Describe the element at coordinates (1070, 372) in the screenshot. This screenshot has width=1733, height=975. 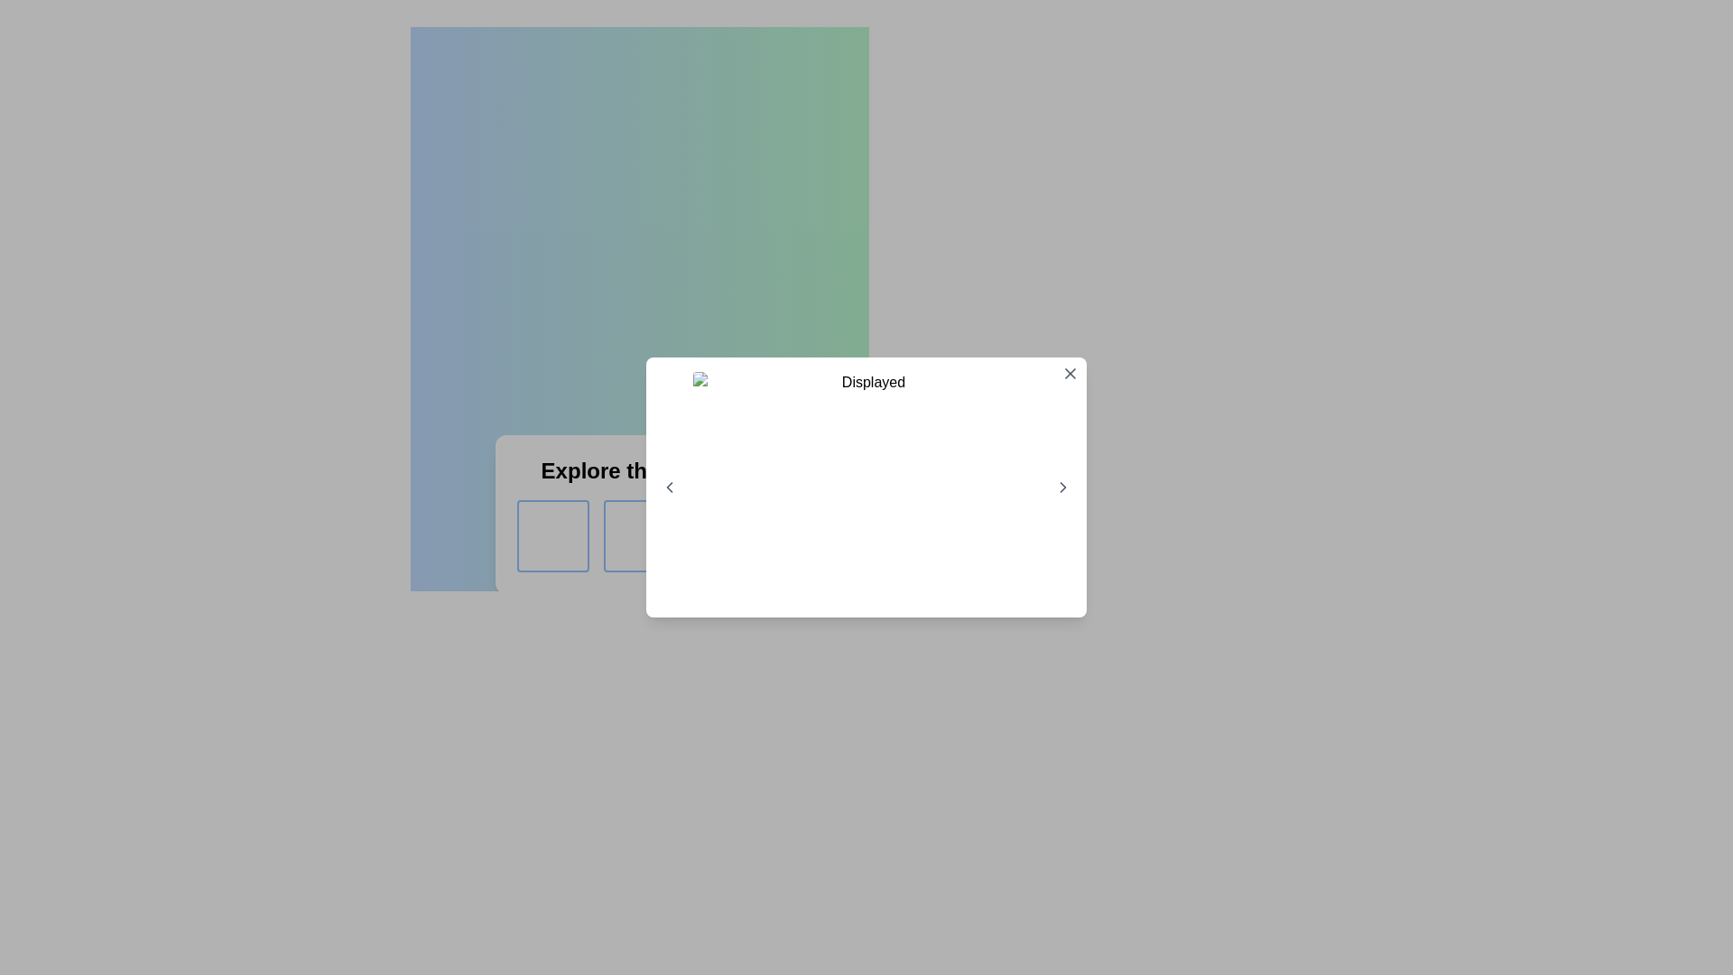
I see `the close button located at the top-right corner of the white rounded rectangular card` at that location.